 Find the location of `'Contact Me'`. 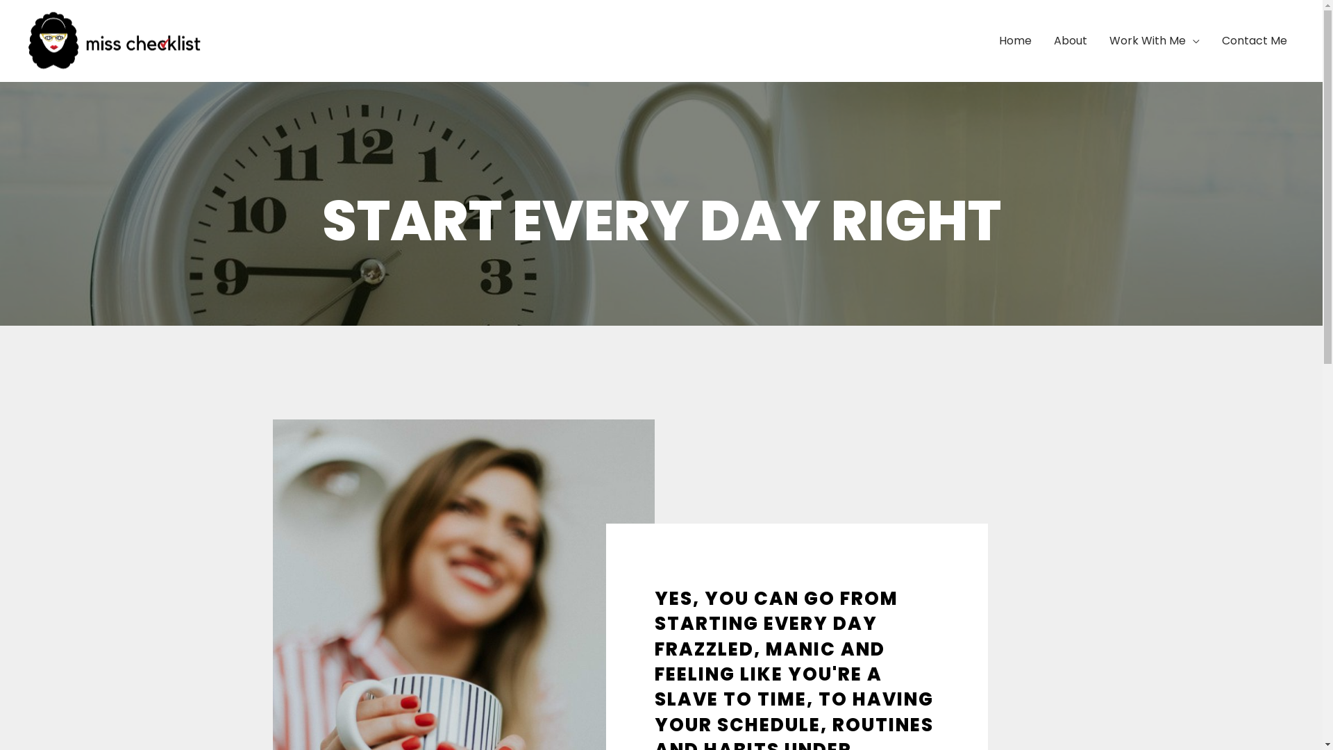

'Contact Me' is located at coordinates (1254, 40).